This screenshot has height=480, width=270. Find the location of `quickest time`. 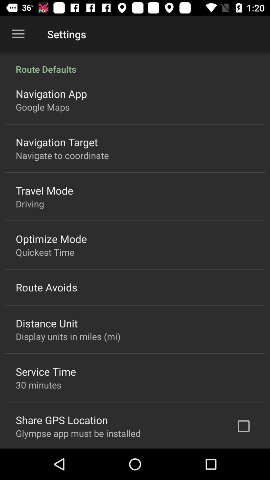

quickest time is located at coordinates (45, 252).